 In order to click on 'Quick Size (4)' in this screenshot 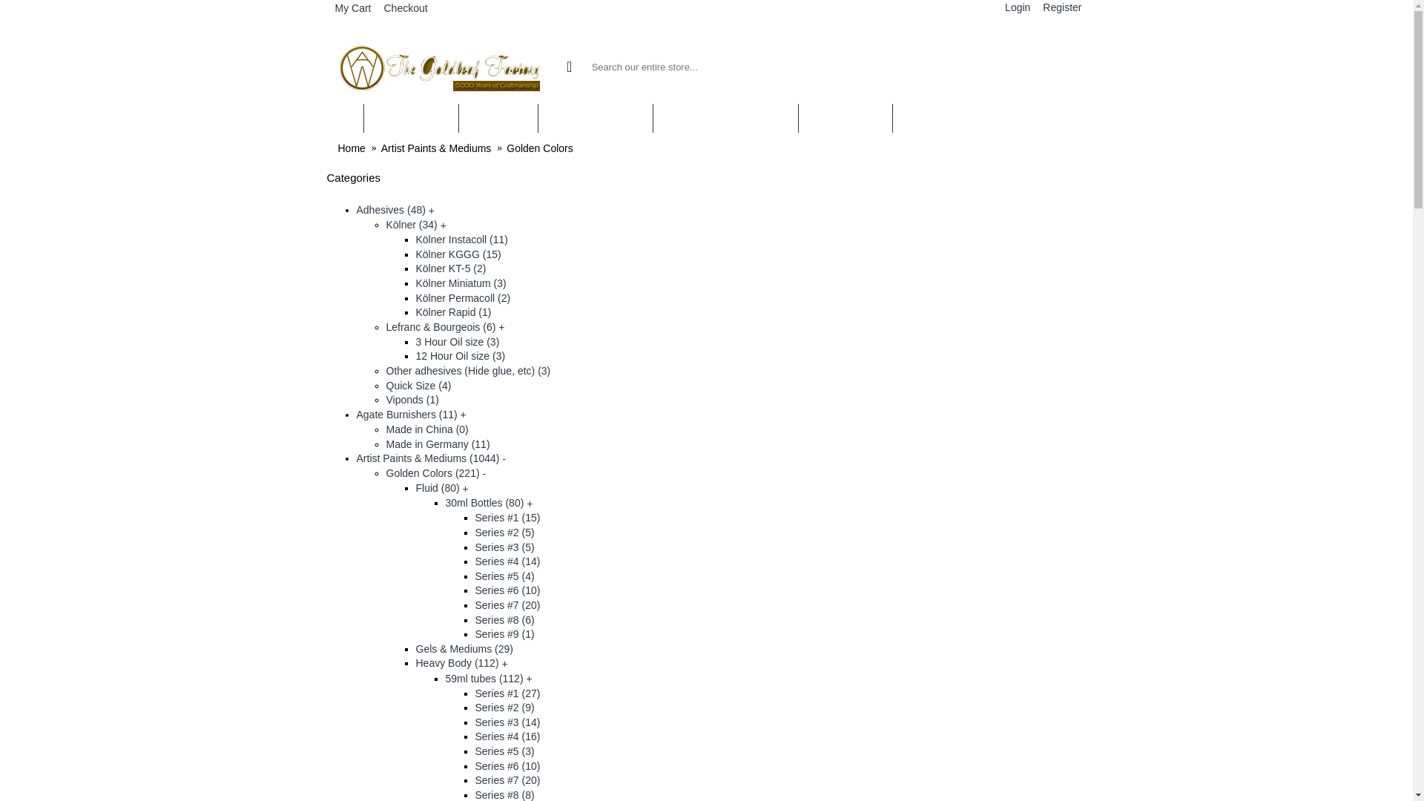, I will do `click(385, 385)`.